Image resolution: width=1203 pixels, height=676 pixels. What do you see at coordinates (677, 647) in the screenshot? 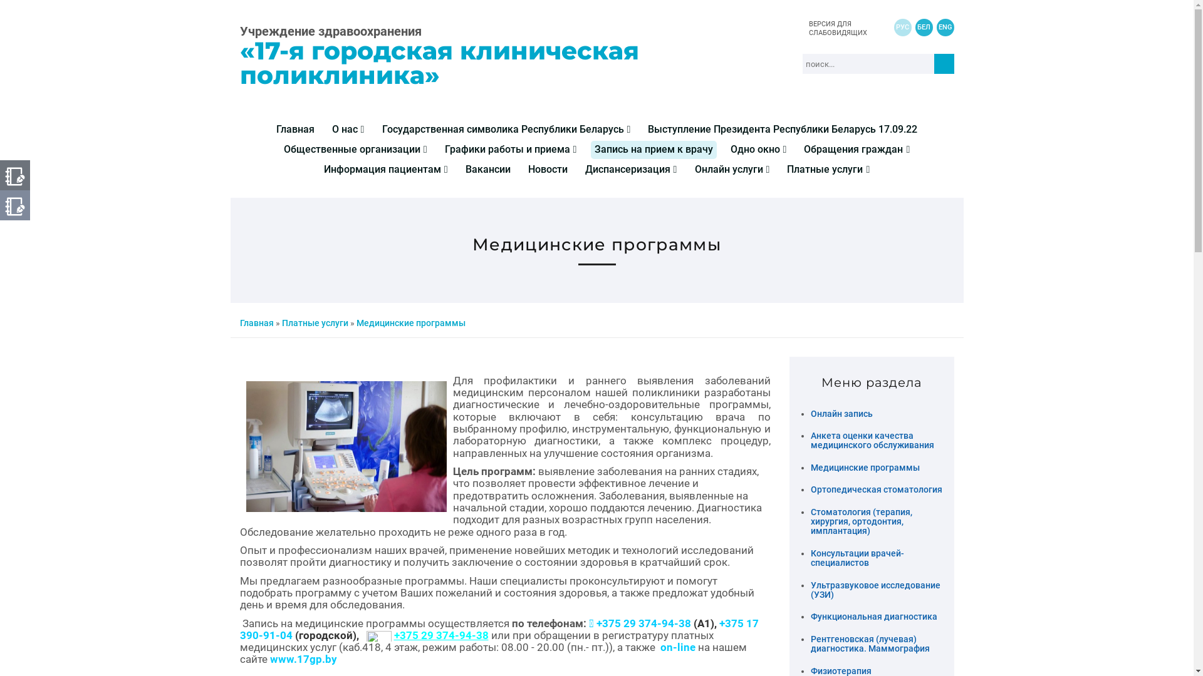
I see `'on-line'` at bounding box center [677, 647].